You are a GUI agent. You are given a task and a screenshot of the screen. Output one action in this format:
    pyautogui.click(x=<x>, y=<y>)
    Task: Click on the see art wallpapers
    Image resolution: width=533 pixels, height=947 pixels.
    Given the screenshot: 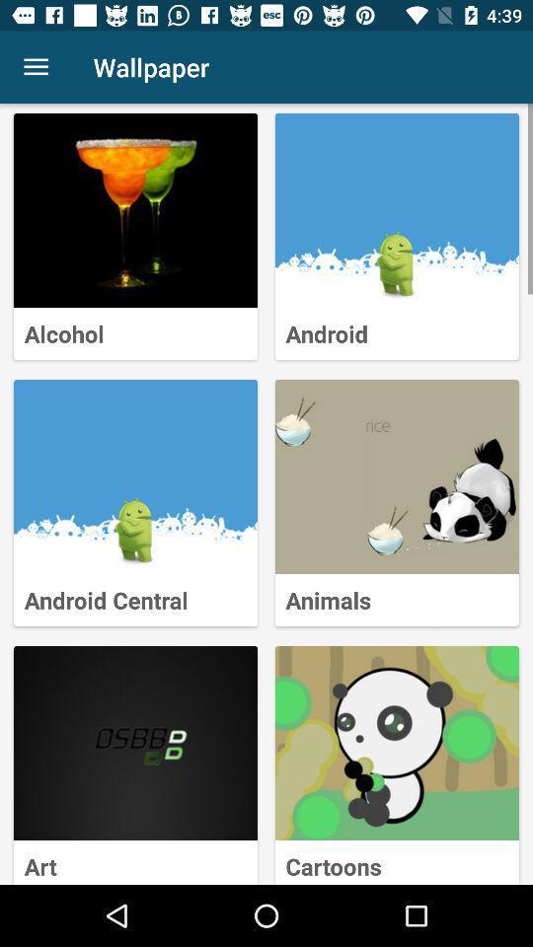 What is the action you would take?
    pyautogui.click(x=134, y=742)
    